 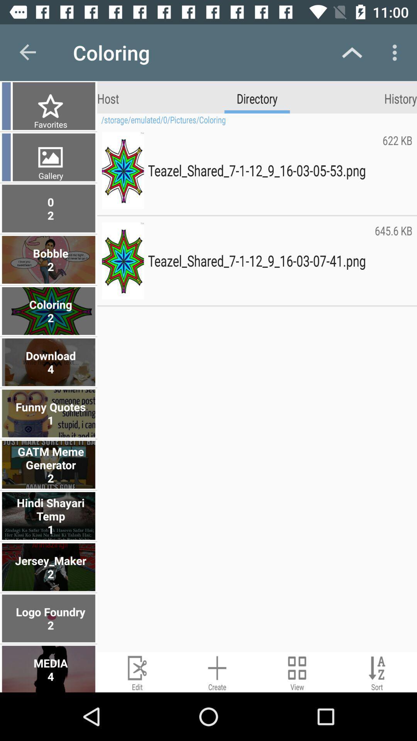 I want to click on icon next to the coloring, so click(x=28, y=52).